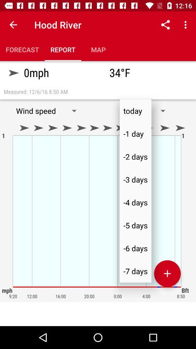 The image size is (196, 349). I want to click on icon, so click(167, 273).